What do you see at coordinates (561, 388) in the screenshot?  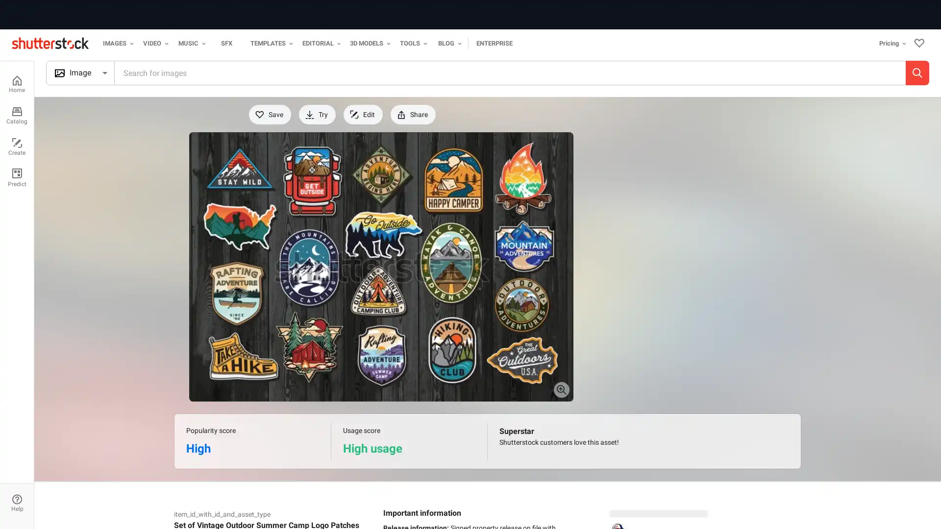 I see `Preview` at bounding box center [561, 388].